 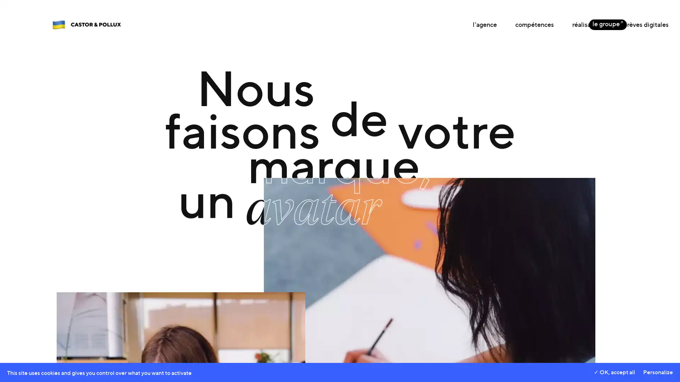 What do you see at coordinates (614, 371) in the screenshot?
I see `OK, accept all` at bounding box center [614, 371].